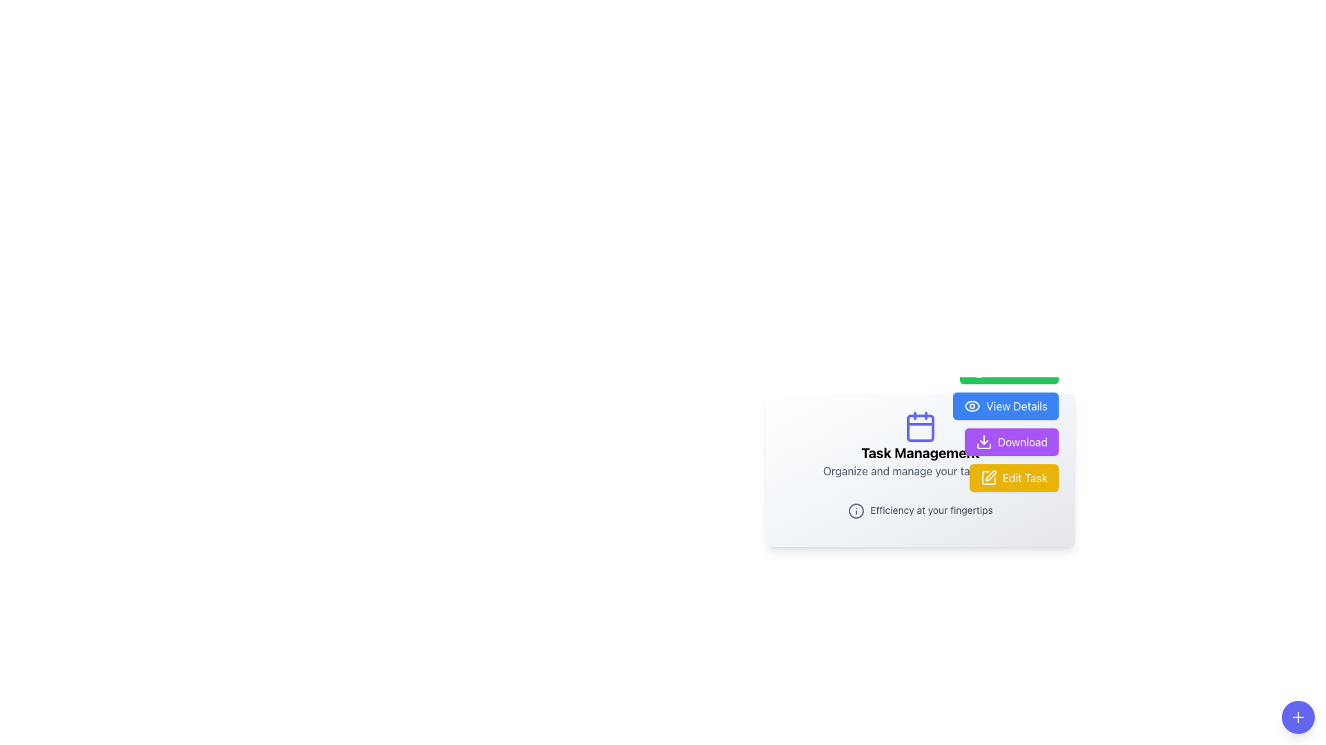 The height and width of the screenshot is (745, 1326). Describe the element at coordinates (856, 510) in the screenshot. I see `the circular informational icon with a gray color scheme located next to the text 'Efficiency at your fingertips.'` at that location.